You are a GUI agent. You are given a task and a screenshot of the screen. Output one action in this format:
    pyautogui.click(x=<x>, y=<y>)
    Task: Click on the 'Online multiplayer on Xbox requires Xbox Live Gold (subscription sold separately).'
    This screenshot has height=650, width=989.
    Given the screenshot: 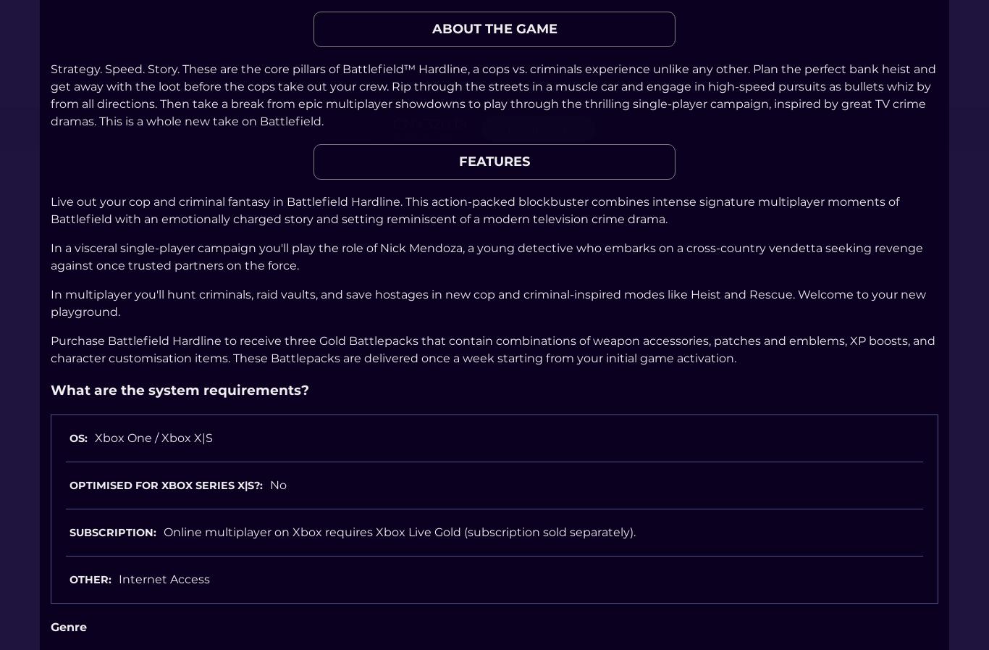 What is the action you would take?
    pyautogui.click(x=400, y=532)
    